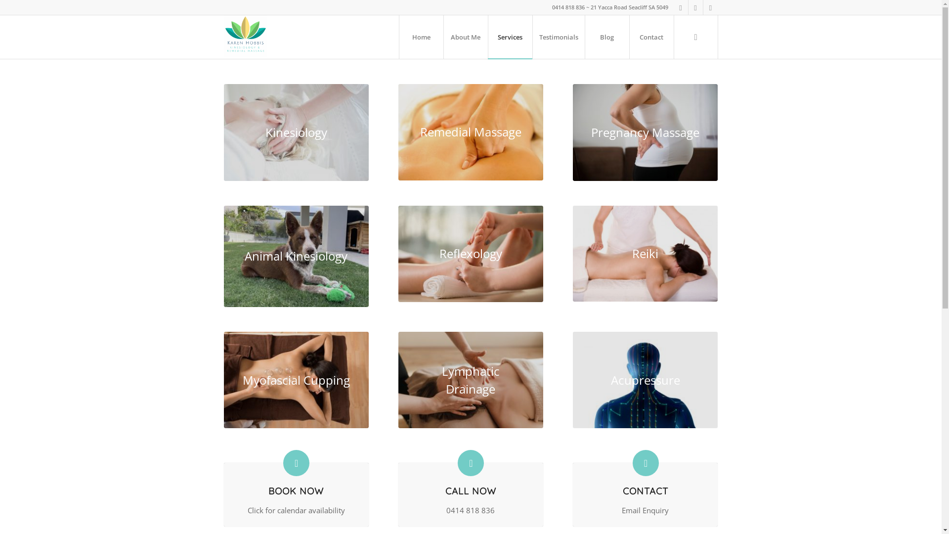  I want to click on 'Reflexology', so click(470, 253).